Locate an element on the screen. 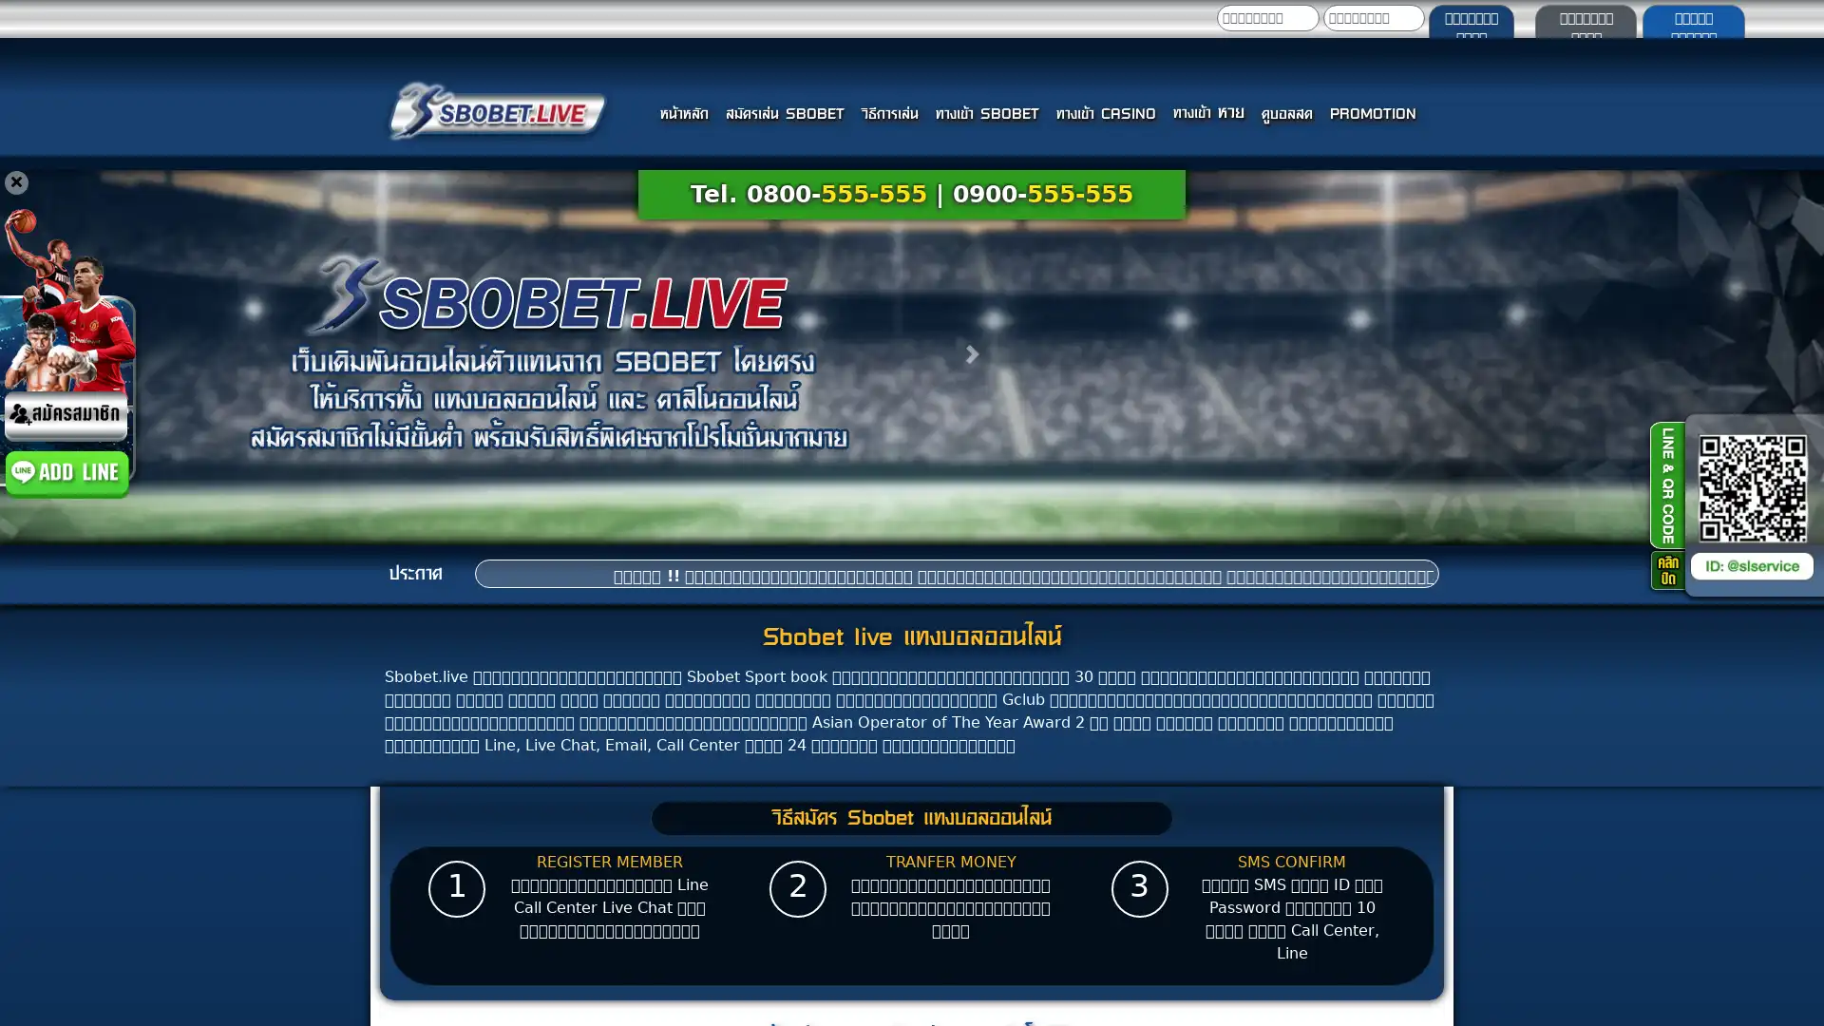  Previous is located at coordinates (122, 353).